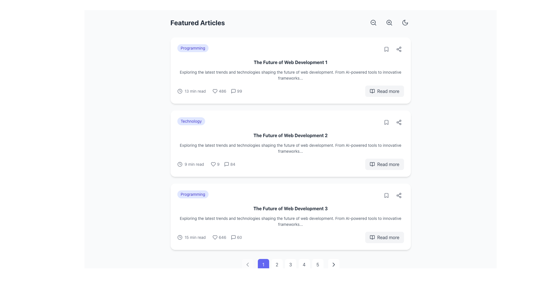 The image size is (544, 306). What do you see at coordinates (233, 164) in the screenshot?
I see `the small gray text label displaying the number '84', which shows supplementary numeric information next to the speech bubble icon in the second article entry under the 'Featured Articles' section` at bounding box center [233, 164].